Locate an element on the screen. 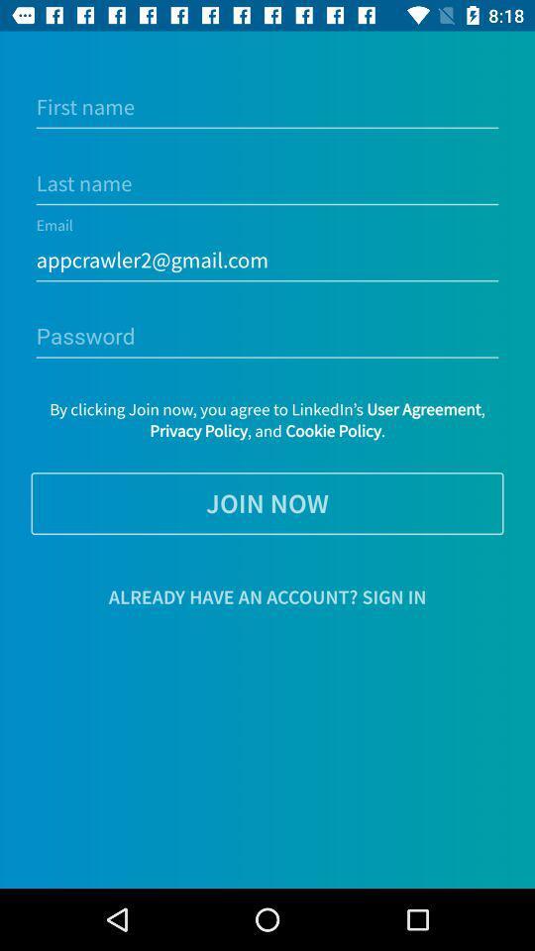  the already have an icon is located at coordinates (267, 595).